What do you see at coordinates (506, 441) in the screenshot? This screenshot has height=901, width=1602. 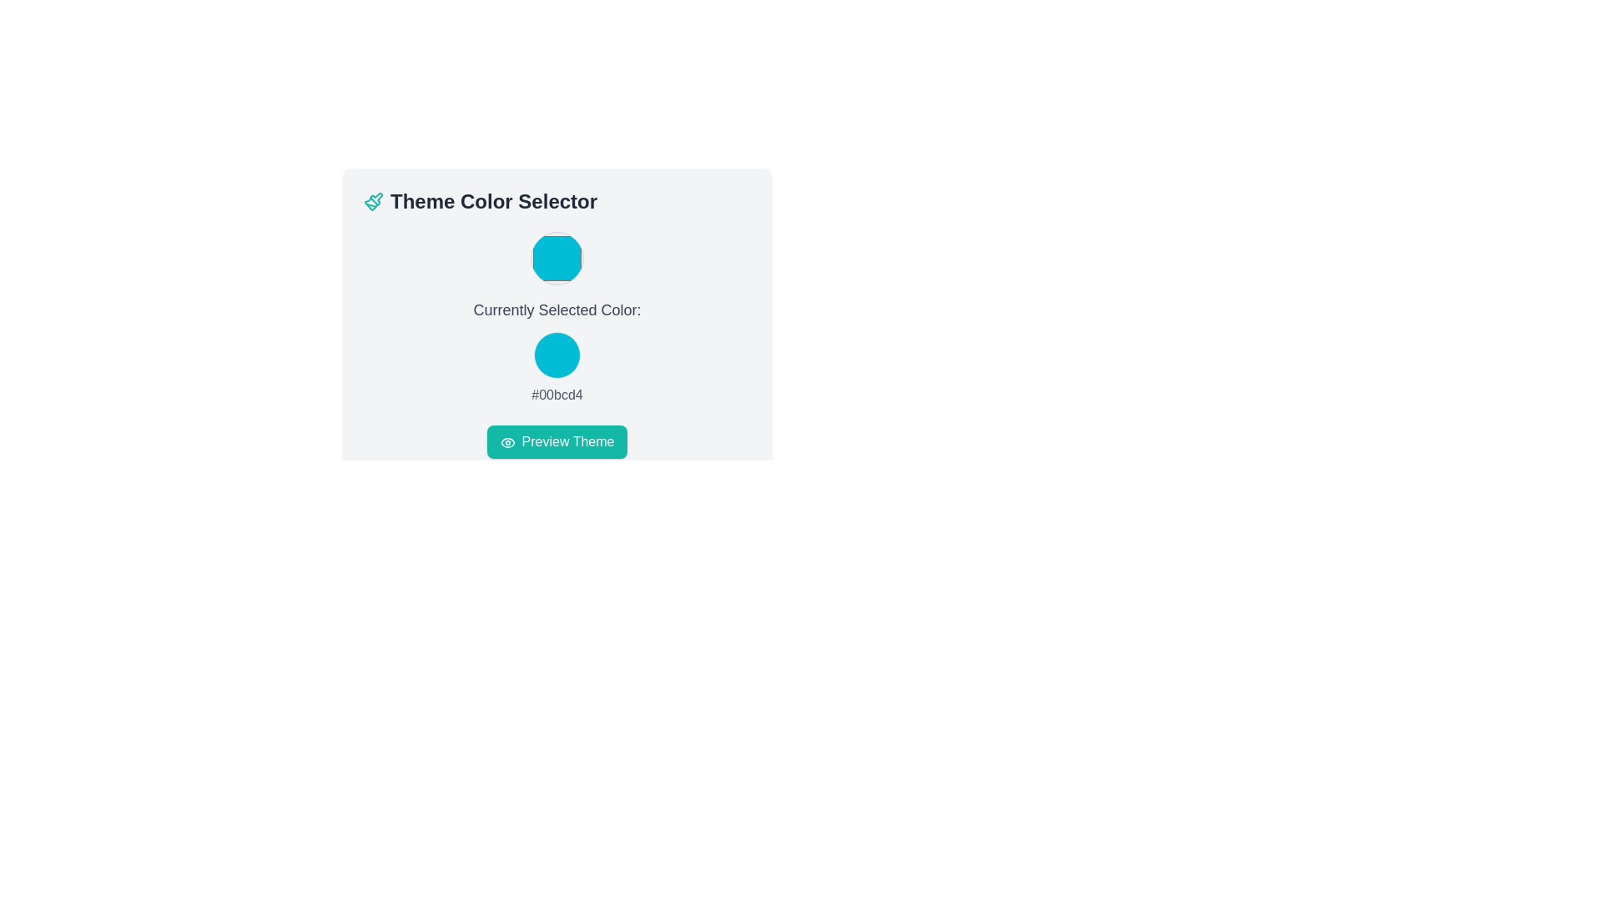 I see `the small white eye icon located to the left of the 'Preview Theme' button, which is aligned horizontally with the button text` at bounding box center [506, 441].